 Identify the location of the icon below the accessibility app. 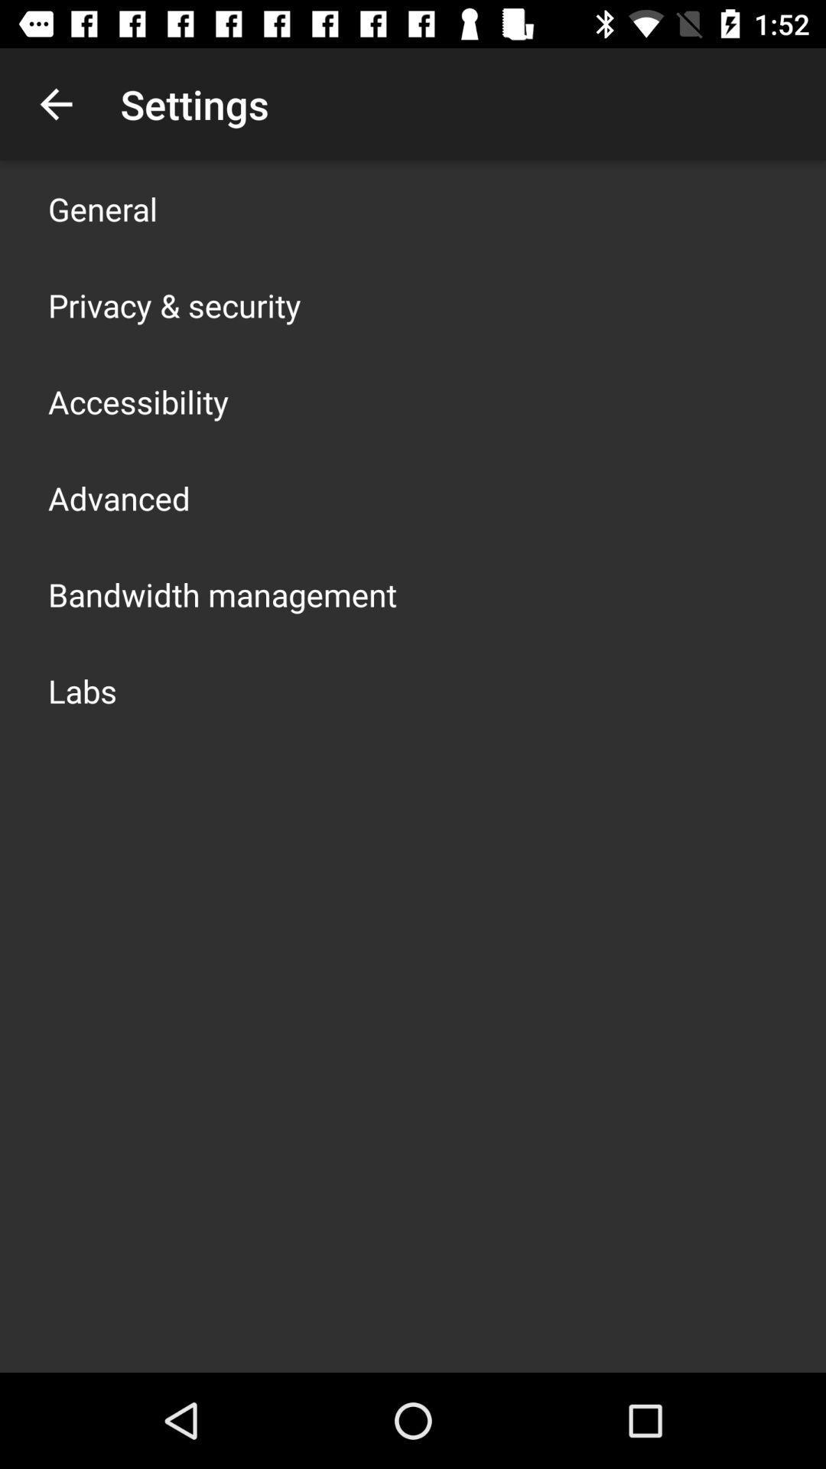
(118, 498).